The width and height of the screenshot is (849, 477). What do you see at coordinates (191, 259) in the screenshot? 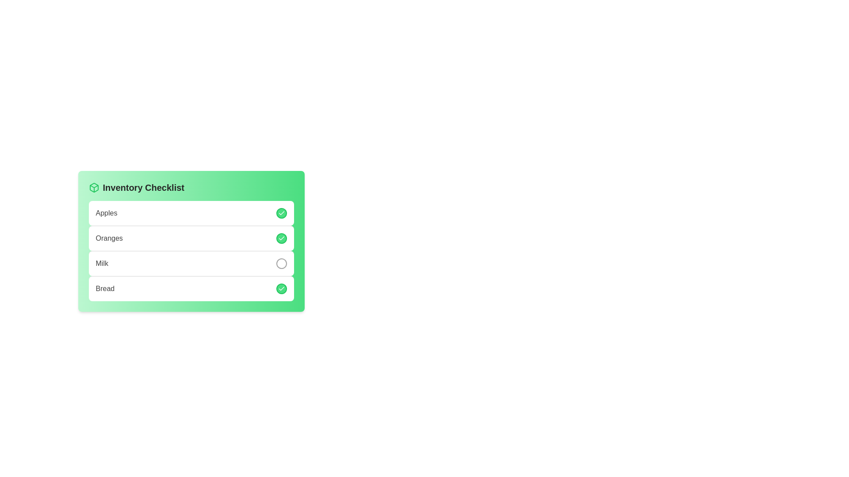
I see `the toggle button on the third item labeled 'Milk' within the 'Inventory Checklist' card` at bounding box center [191, 259].